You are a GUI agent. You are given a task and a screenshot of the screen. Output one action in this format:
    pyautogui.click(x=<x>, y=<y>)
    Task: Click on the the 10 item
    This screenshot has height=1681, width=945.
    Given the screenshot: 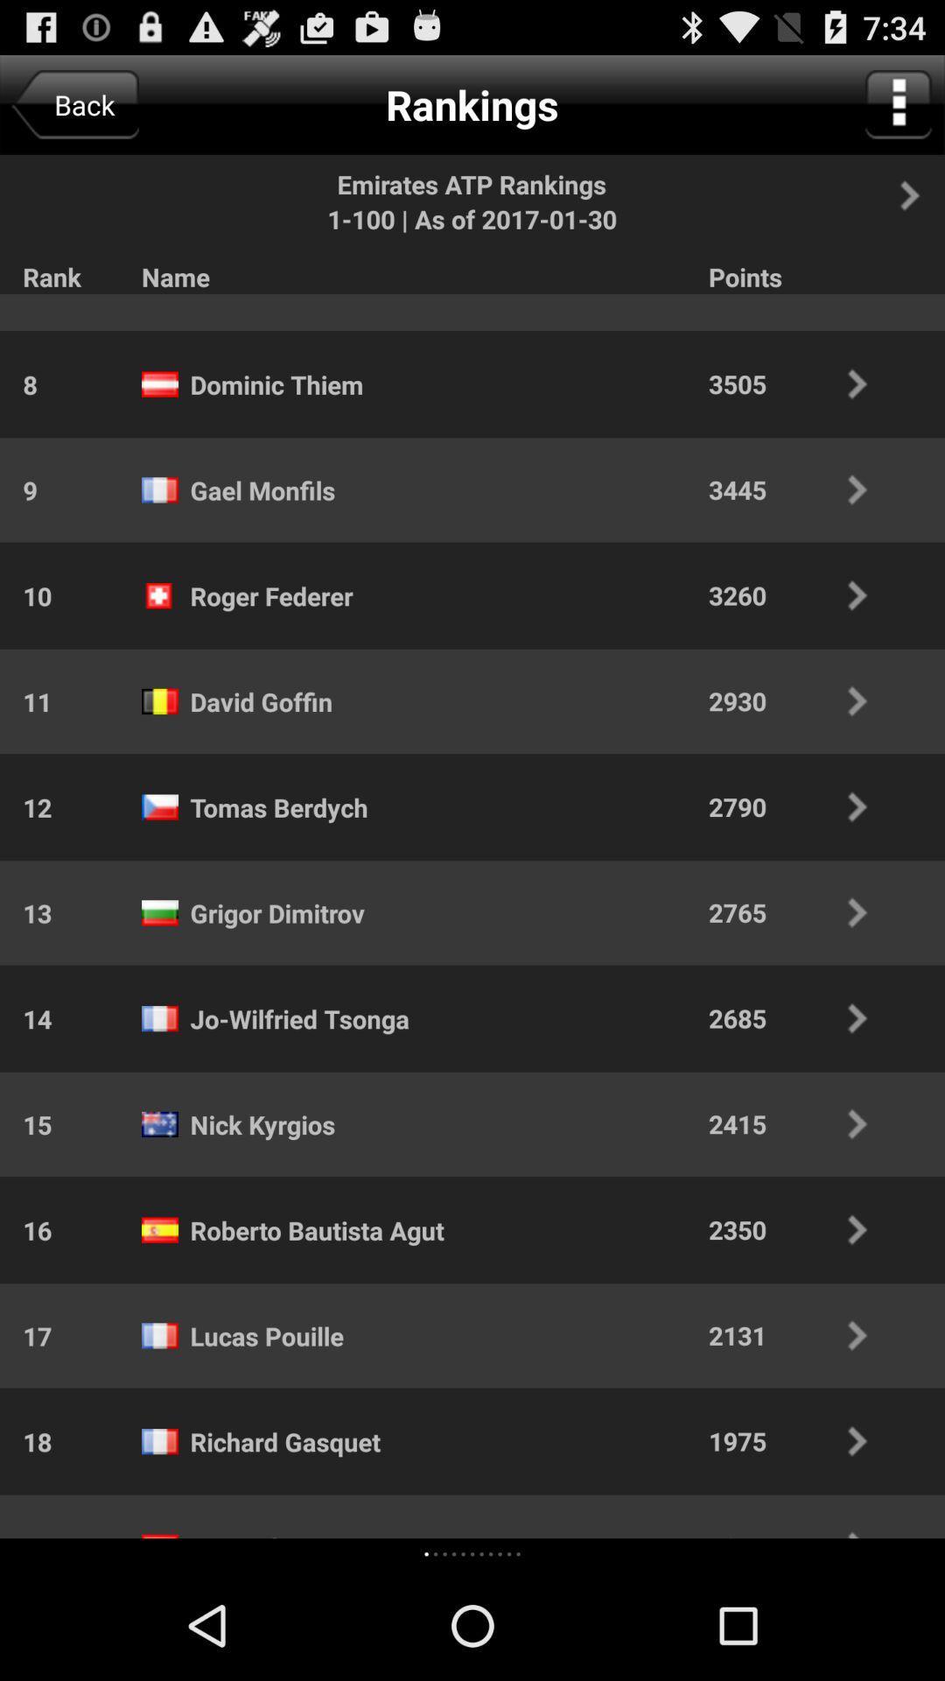 What is the action you would take?
    pyautogui.click(x=25, y=595)
    